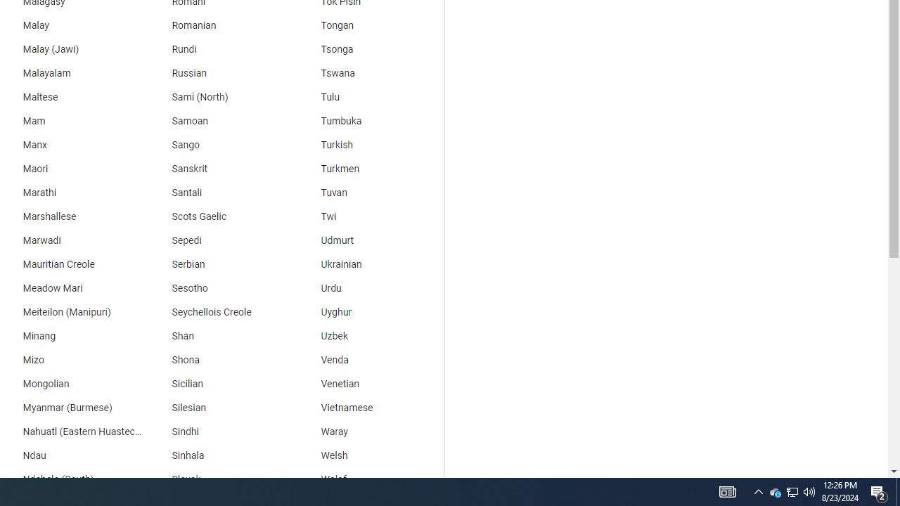 Image resolution: width=900 pixels, height=506 pixels. I want to click on 'Waray', so click(369, 431).